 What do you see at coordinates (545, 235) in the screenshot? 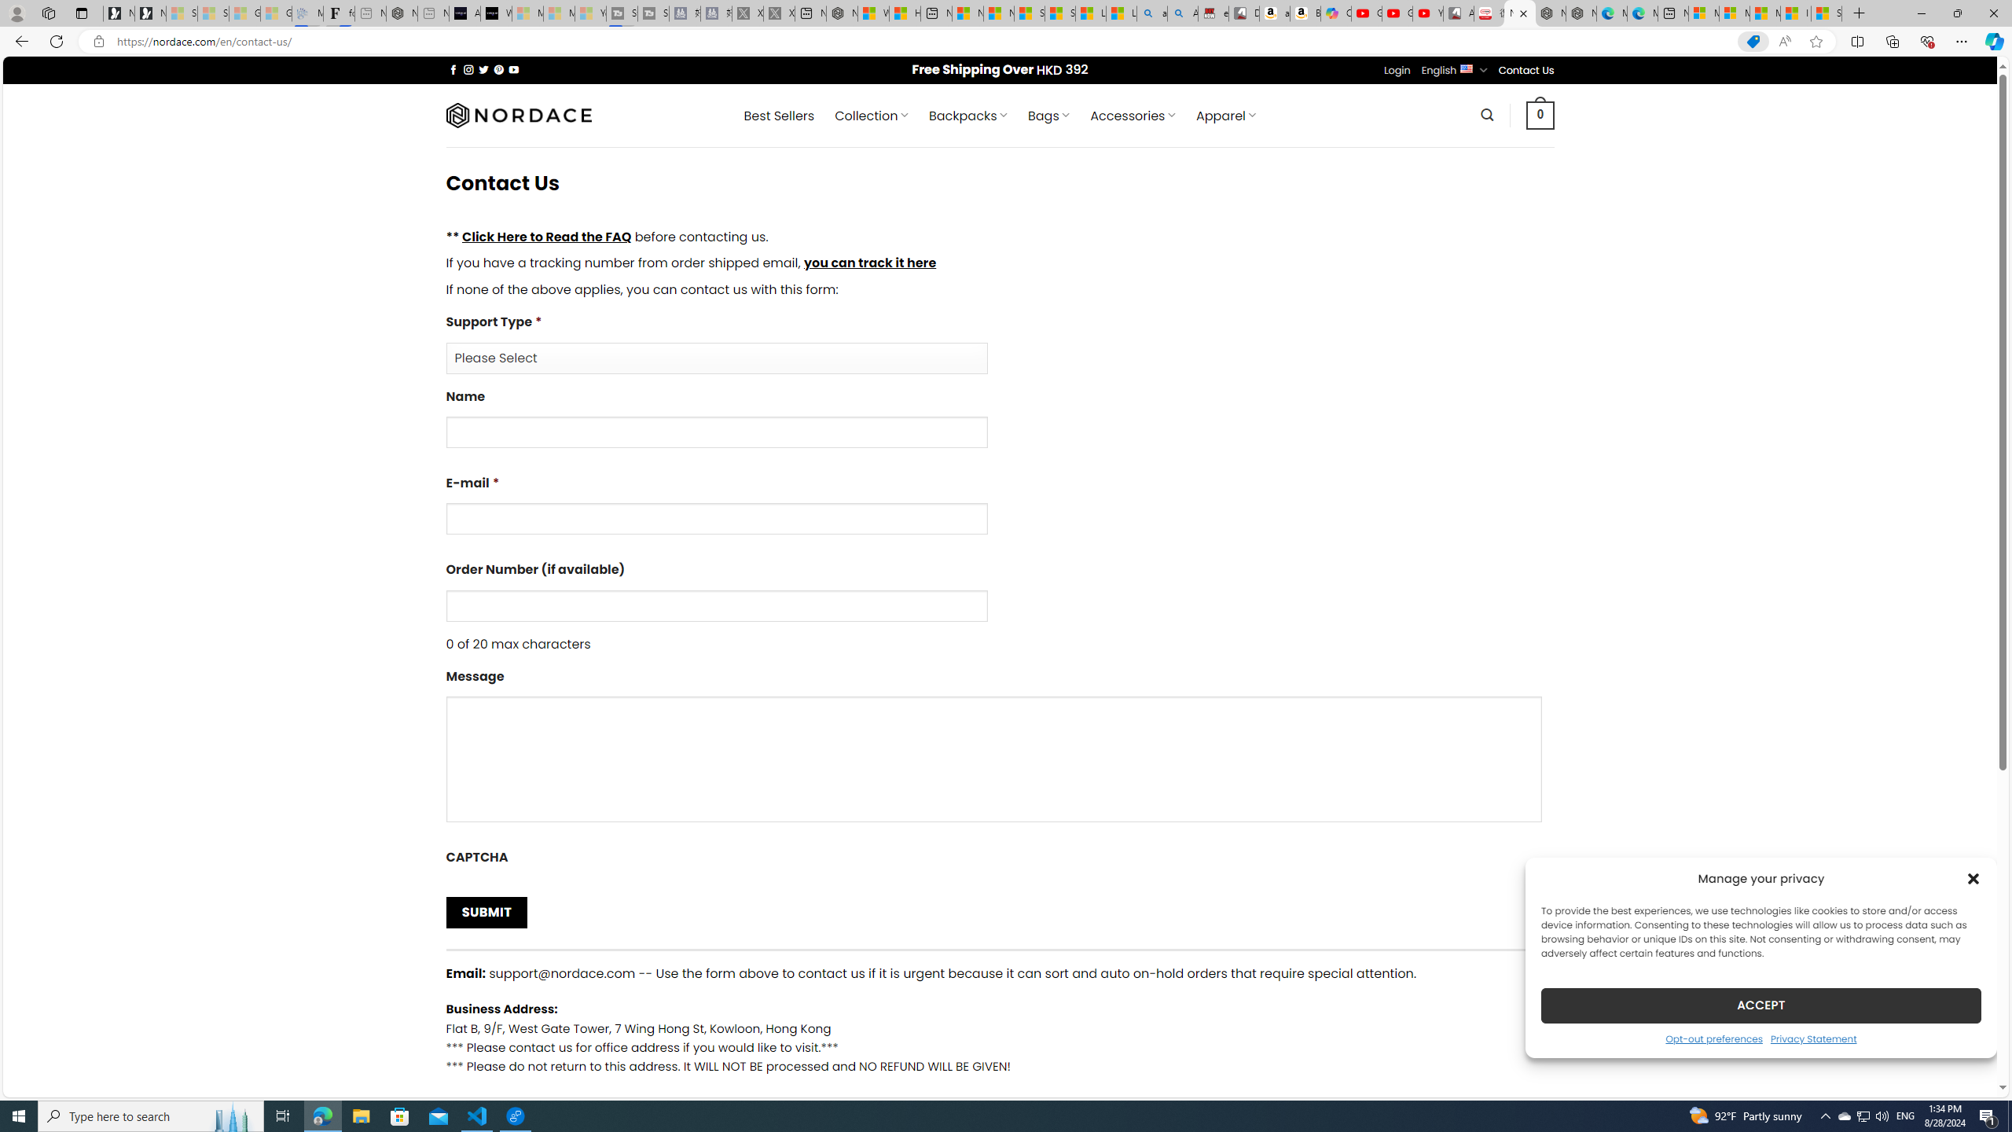
I see `'Click Here to Read the FAQ'` at bounding box center [545, 235].